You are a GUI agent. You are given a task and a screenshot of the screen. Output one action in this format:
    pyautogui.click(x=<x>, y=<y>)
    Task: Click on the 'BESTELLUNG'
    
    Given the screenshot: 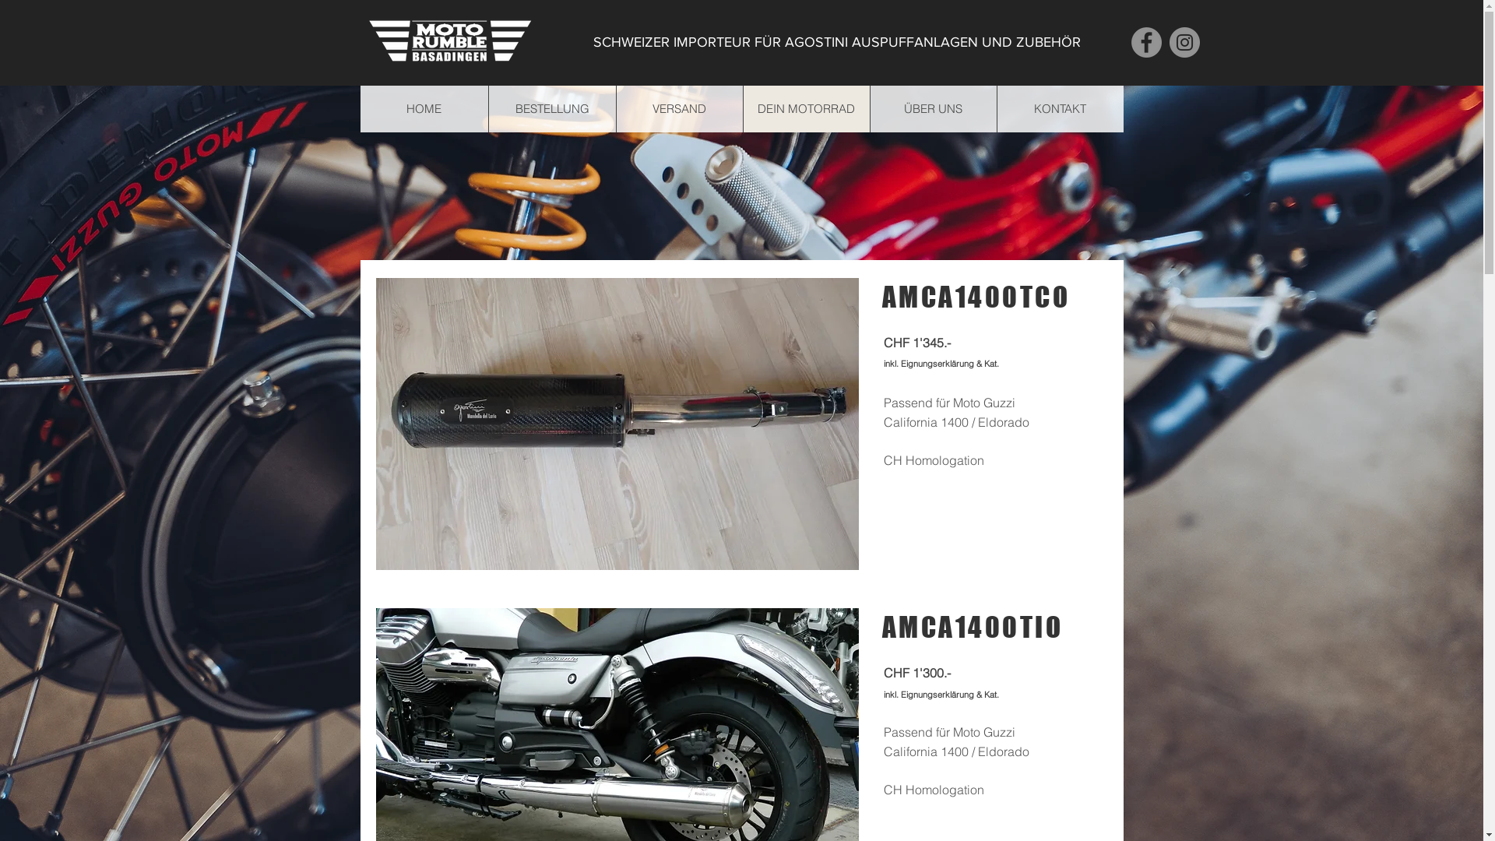 What is the action you would take?
    pyautogui.click(x=551, y=107)
    